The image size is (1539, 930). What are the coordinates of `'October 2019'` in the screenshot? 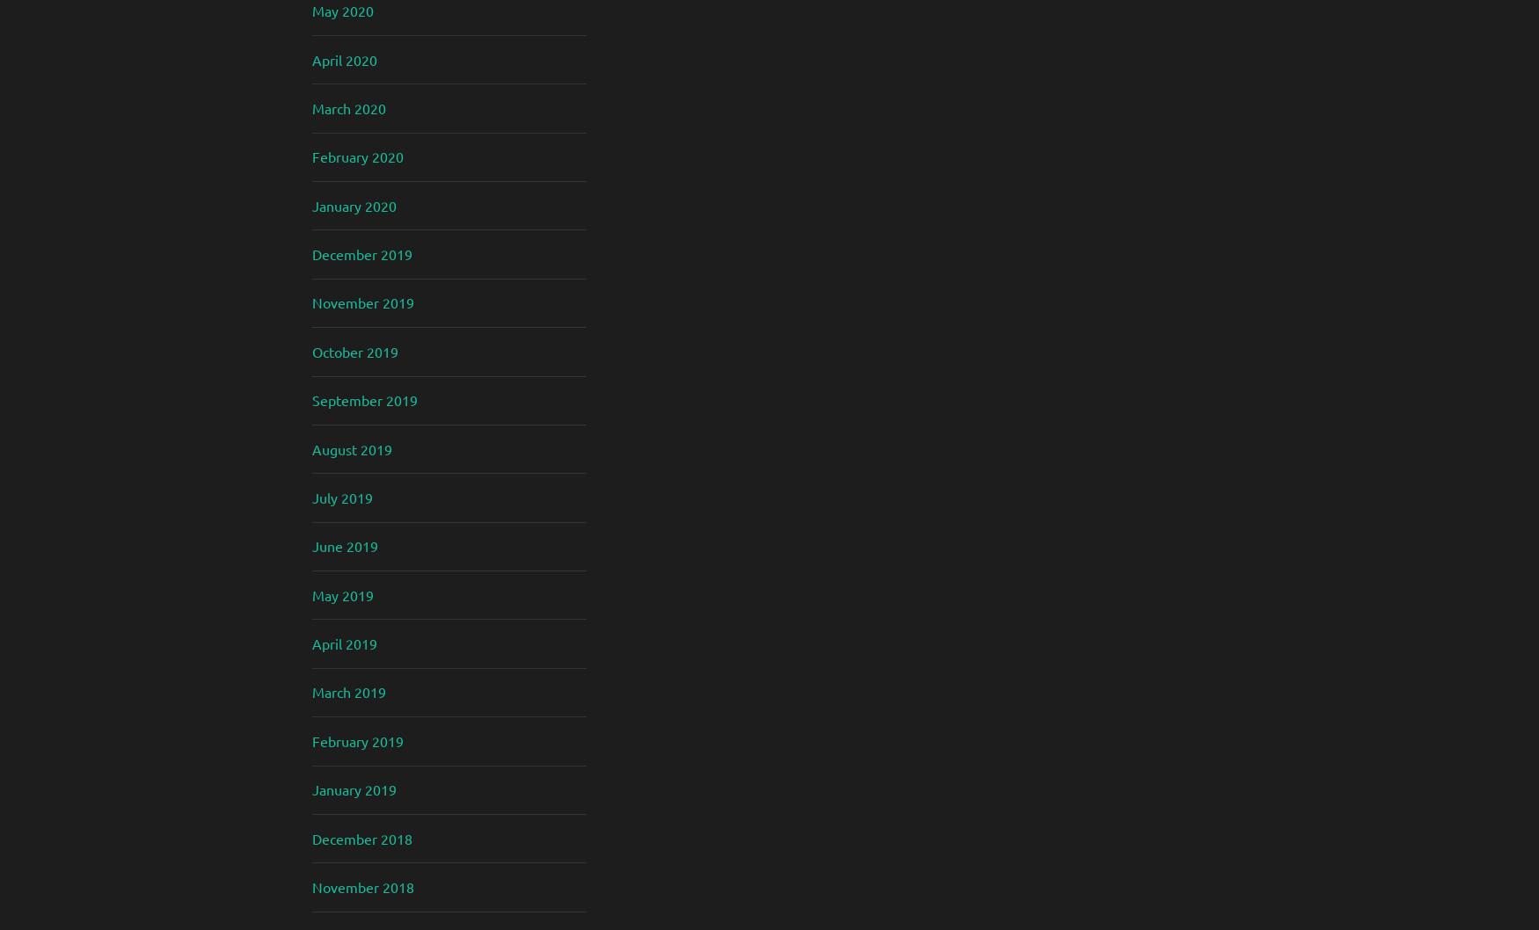 It's located at (354, 350).